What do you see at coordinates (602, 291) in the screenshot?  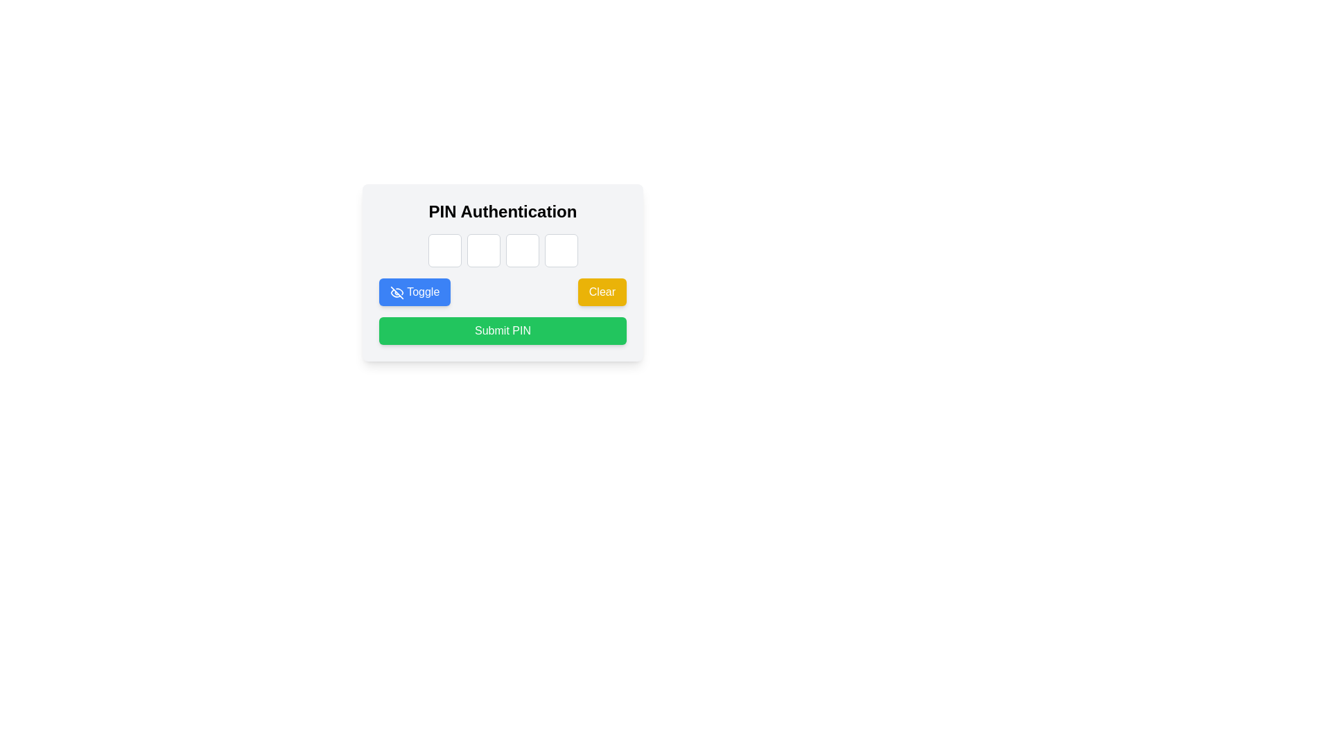 I see `the yellow rectangular 'Clear' button with rounded edges and white text to clear inputs or actions` at bounding box center [602, 291].